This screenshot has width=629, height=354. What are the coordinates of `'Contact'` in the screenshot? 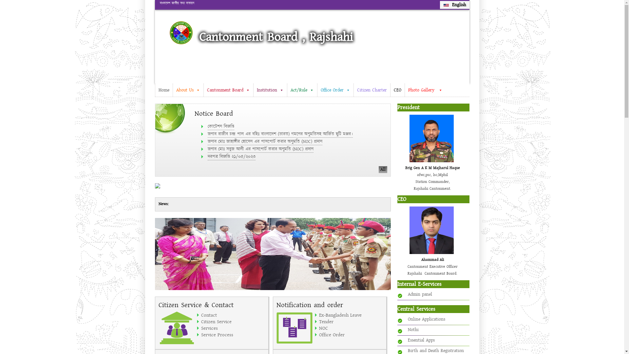 It's located at (233, 314).